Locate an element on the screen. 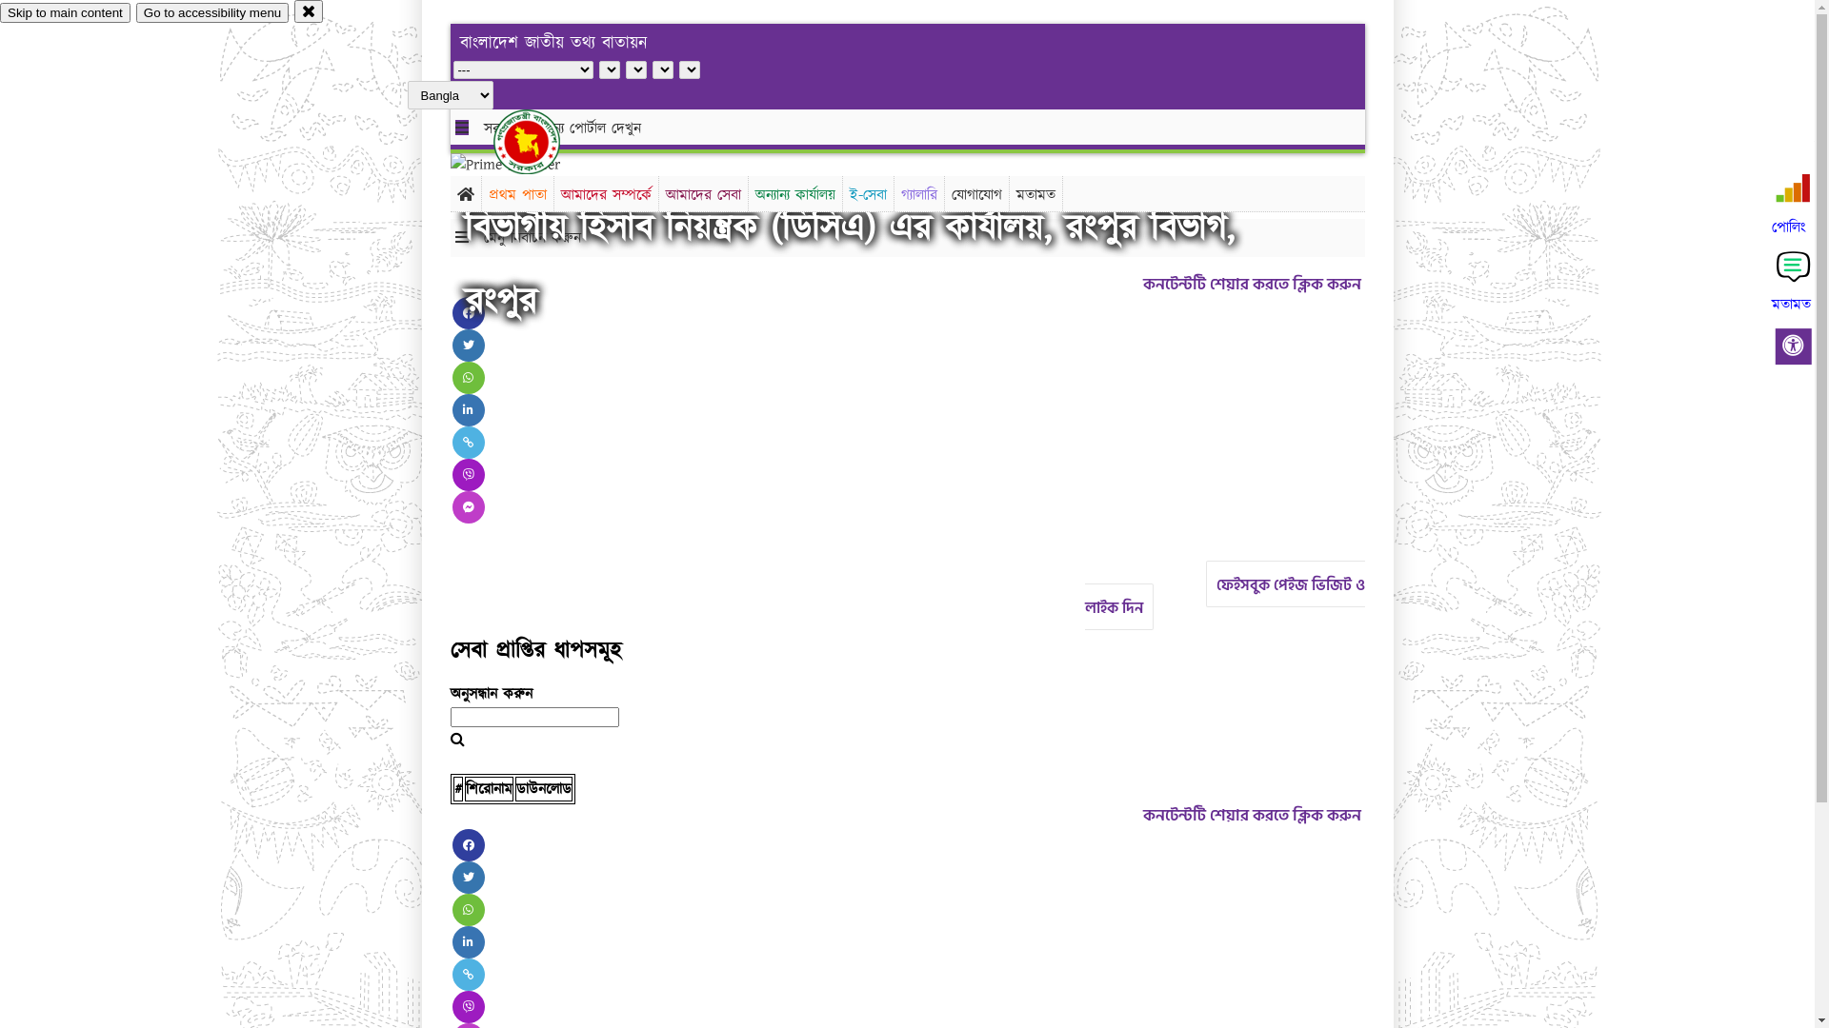  ' is located at coordinates (542, 141).